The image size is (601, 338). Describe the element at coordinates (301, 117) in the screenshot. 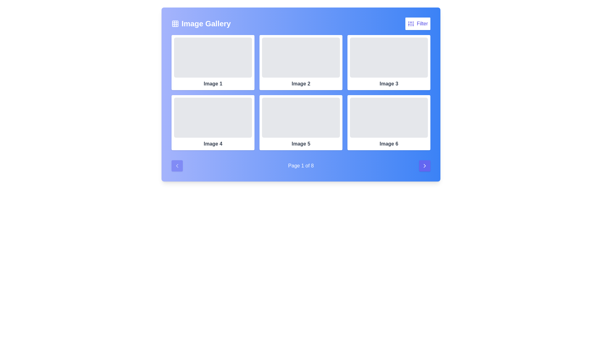

I see `the light gray rectangular placeholder component located in the fifth position of the image gallery grid` at that location.